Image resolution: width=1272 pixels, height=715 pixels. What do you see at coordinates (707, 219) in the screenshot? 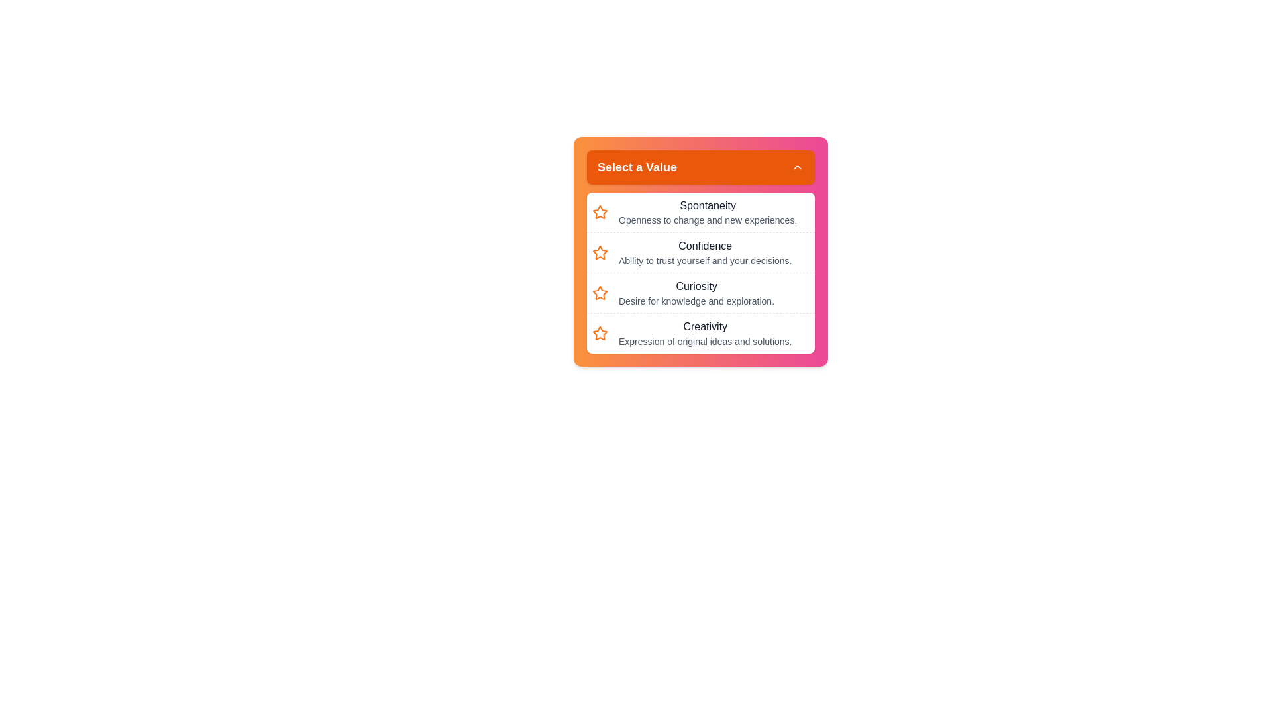
I see `the descriptive text label providing additional information about 'Spontaneity' within the dropdown menu` at bounding box center [707, 219].